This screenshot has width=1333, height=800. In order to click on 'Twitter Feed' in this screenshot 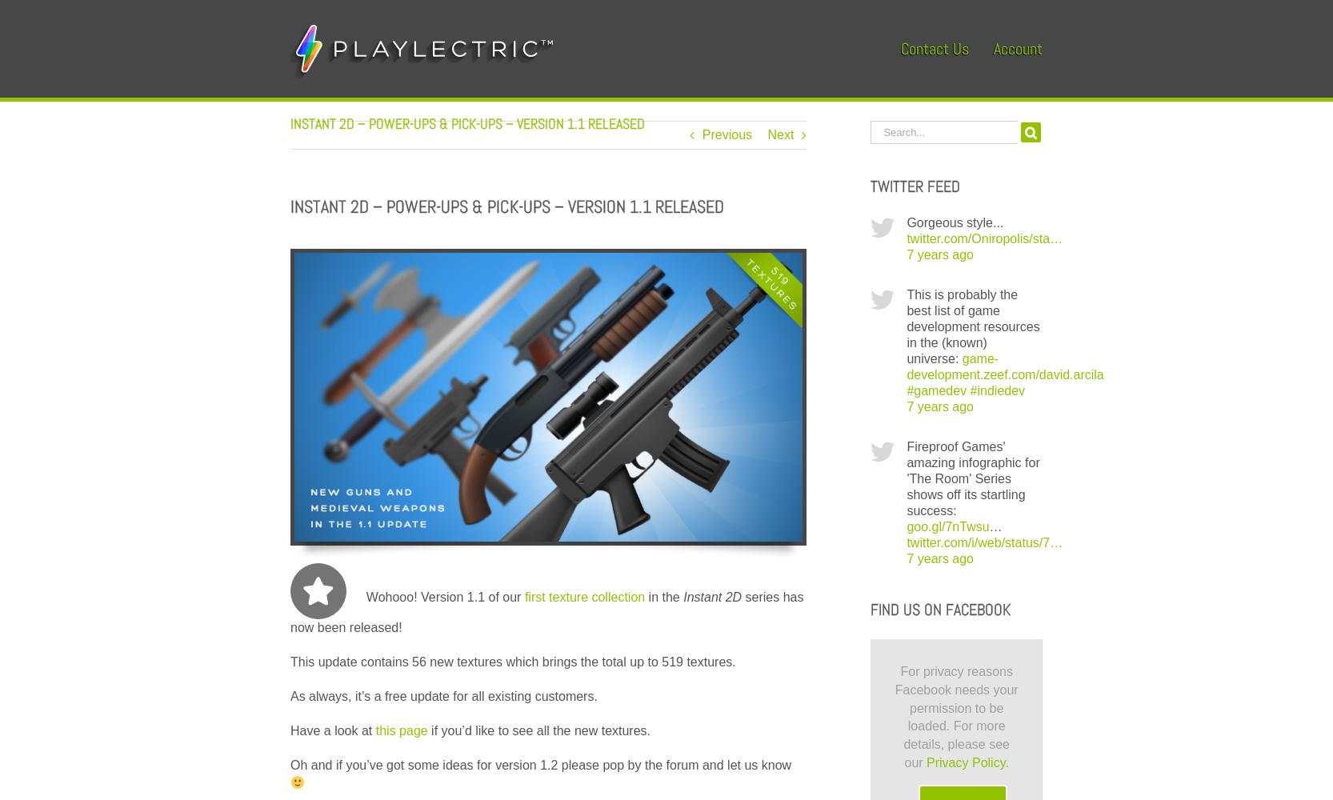, I will do `click(915, 186)`.